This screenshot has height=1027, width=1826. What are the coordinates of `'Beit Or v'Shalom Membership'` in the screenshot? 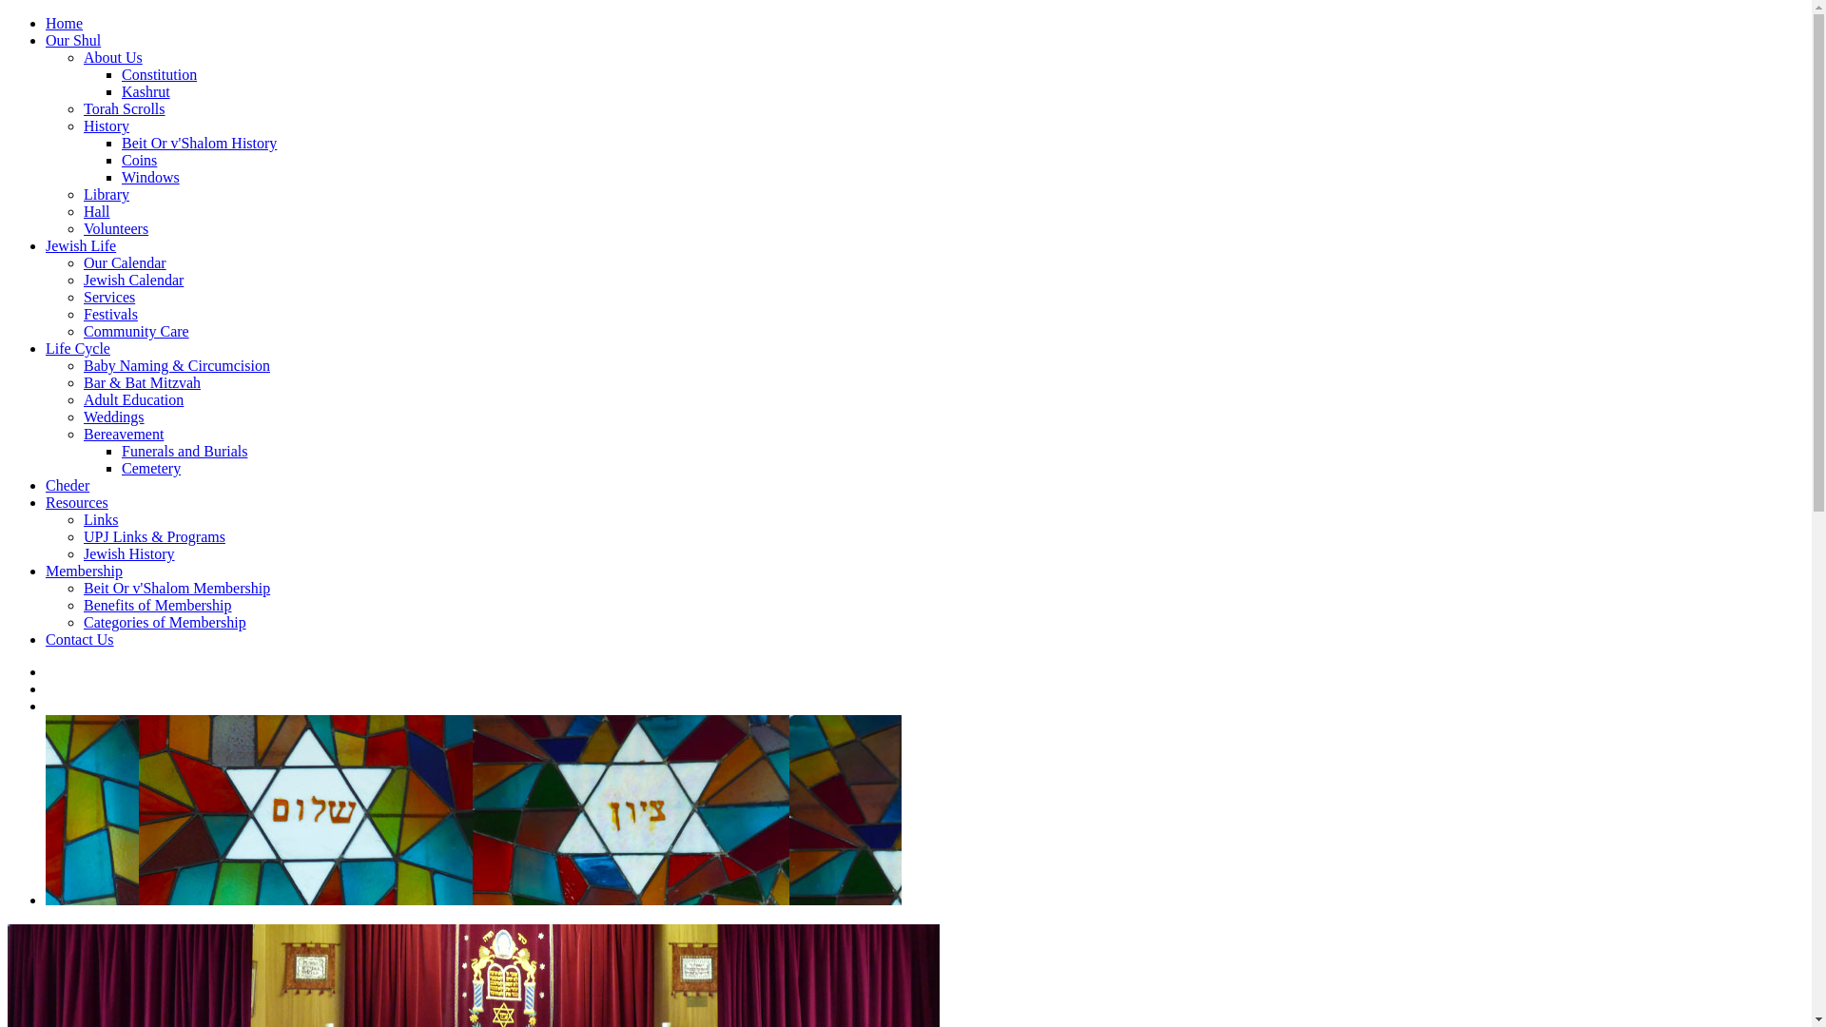 It's located at (177, 587).